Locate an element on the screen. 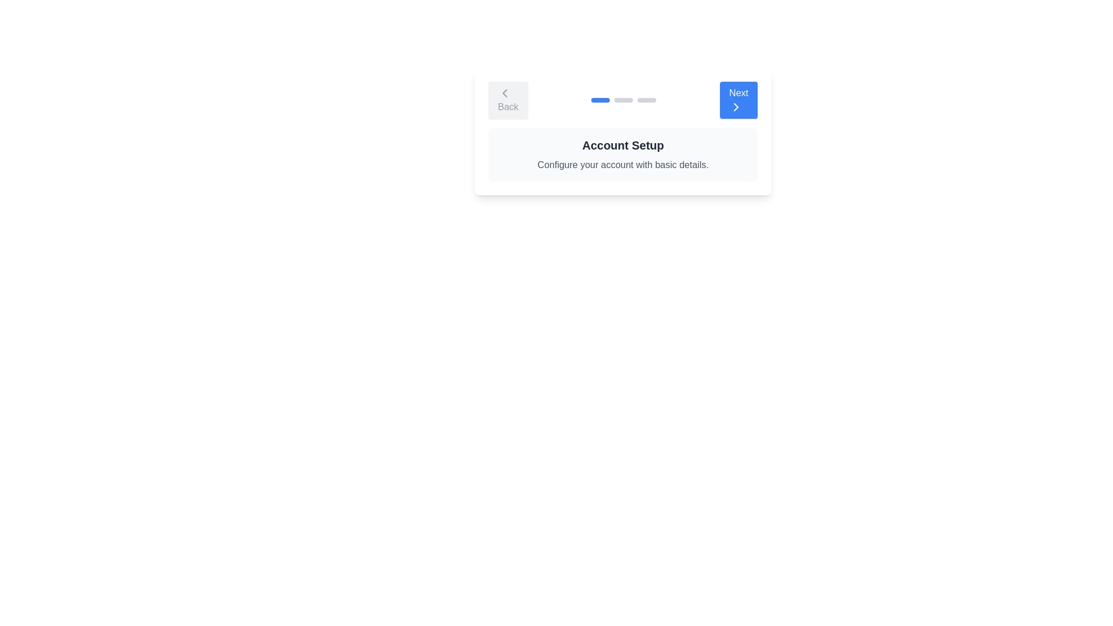 The height and width of the screenshot is (626, 1113). the 'Next' button to navigate to the next step is located at coordinates (737, 100).